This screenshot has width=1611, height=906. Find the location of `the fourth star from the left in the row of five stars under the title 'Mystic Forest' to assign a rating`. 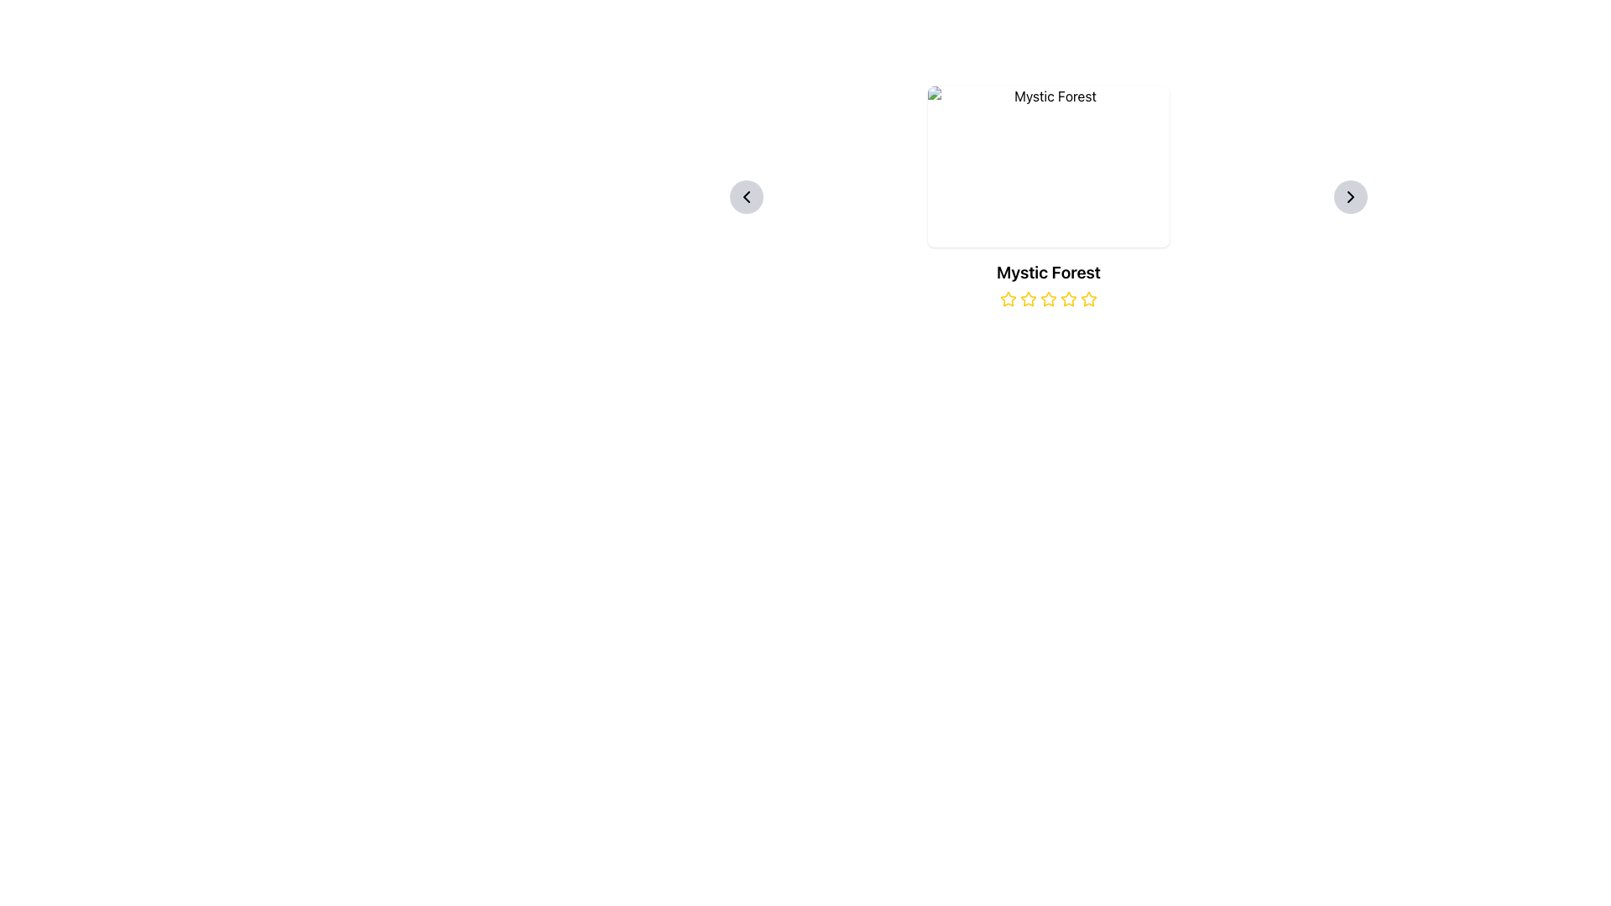

the fourth star from the left in the row of five stars under the title 'Mystic Forest' to assign a rating is located at coordinates (1047, 298).